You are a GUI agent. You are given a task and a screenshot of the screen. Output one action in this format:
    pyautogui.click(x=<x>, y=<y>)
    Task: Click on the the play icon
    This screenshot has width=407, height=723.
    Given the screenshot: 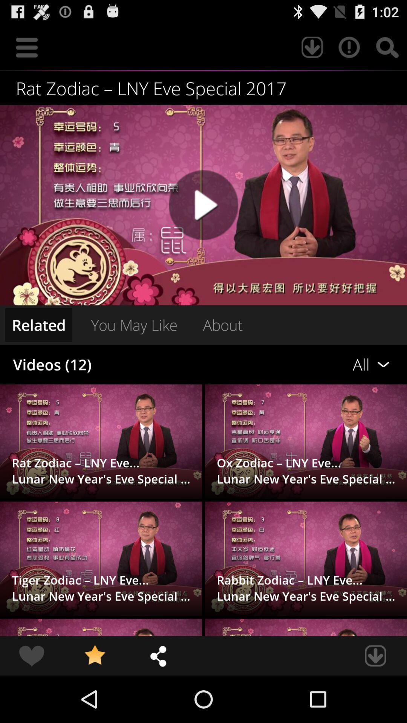 What is the action you would take?
    pyautogui.click(x=203, y=219)
    